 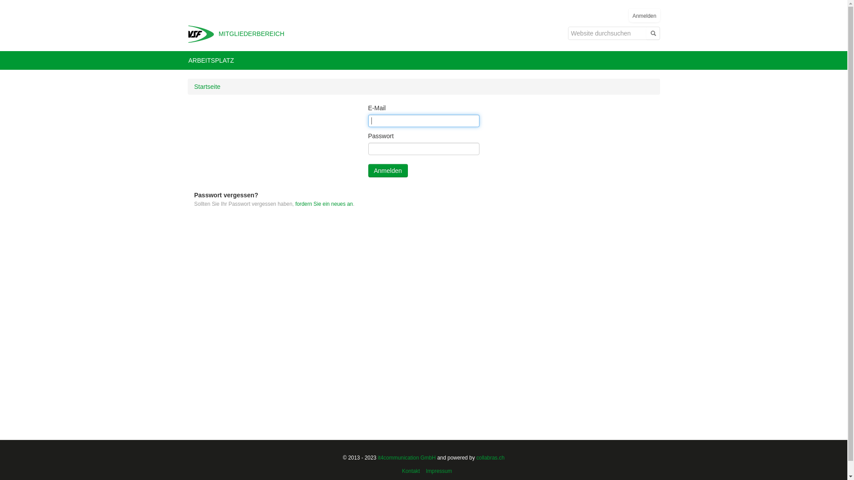 What do you see at coordinates (200, 32) in the screenshot?
I see `'MITGLIEDERBEREICH'` at bounding box center [200, 32].